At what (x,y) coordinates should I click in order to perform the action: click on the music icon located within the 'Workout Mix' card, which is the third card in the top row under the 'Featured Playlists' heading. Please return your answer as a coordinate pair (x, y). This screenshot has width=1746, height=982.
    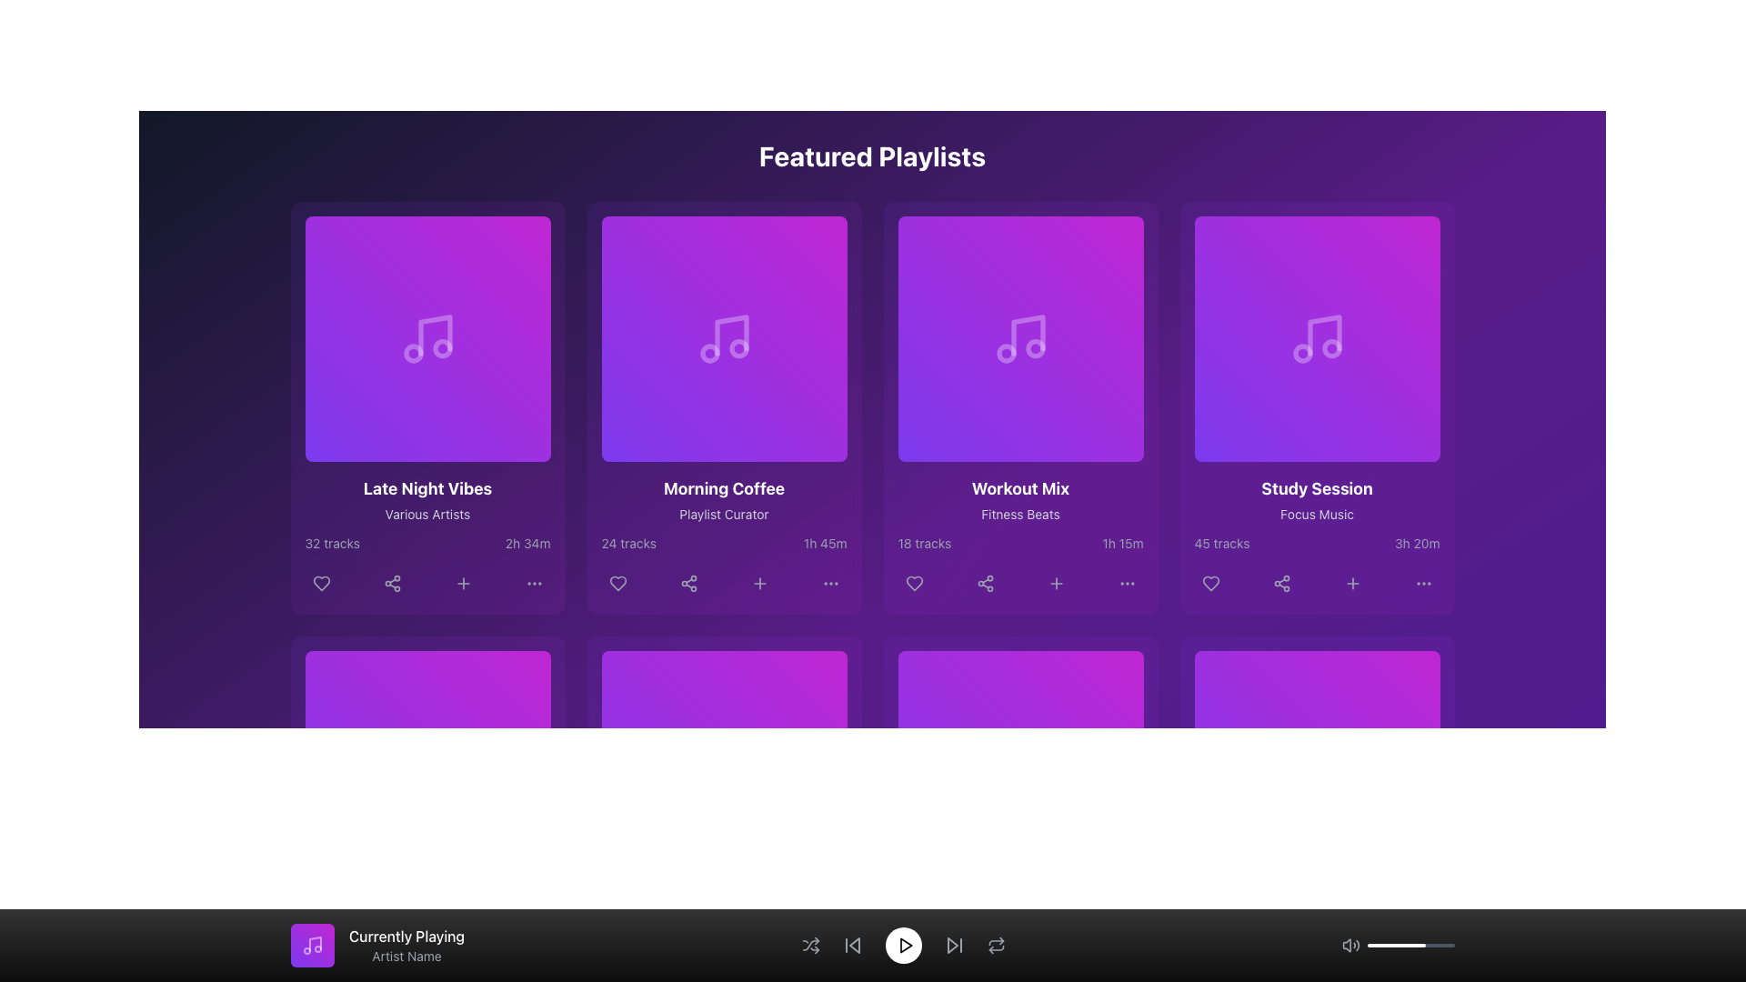
    Looking at the image, I should click on (1028, 336).